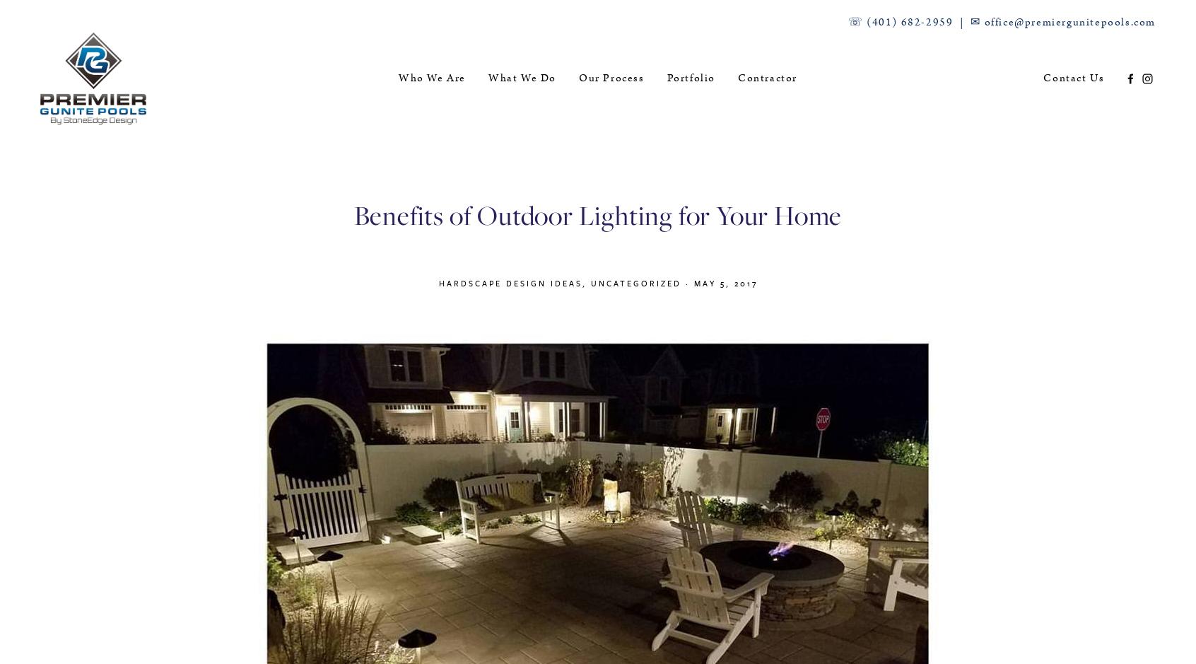 The image size is (1196, 664). What do you see at coordinates (610, 77) in the screenshot?
I see `'Our Process'` at bounding box center [610, 77].